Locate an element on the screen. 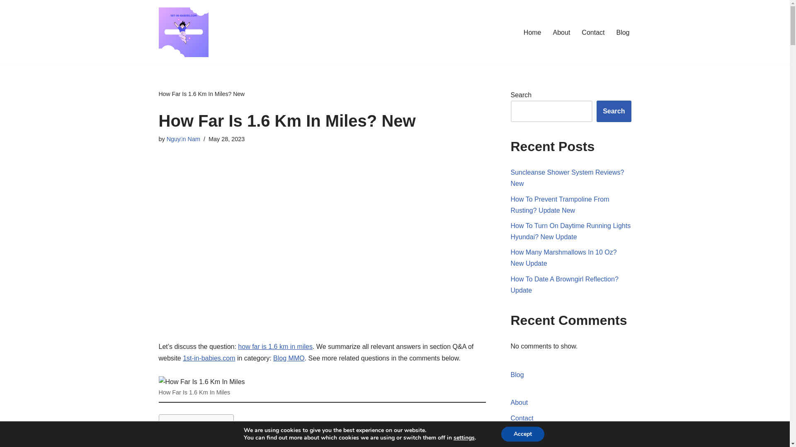 The image size is (796, 447). '1st-in-babies.com' is located at coordinates (209, 358).